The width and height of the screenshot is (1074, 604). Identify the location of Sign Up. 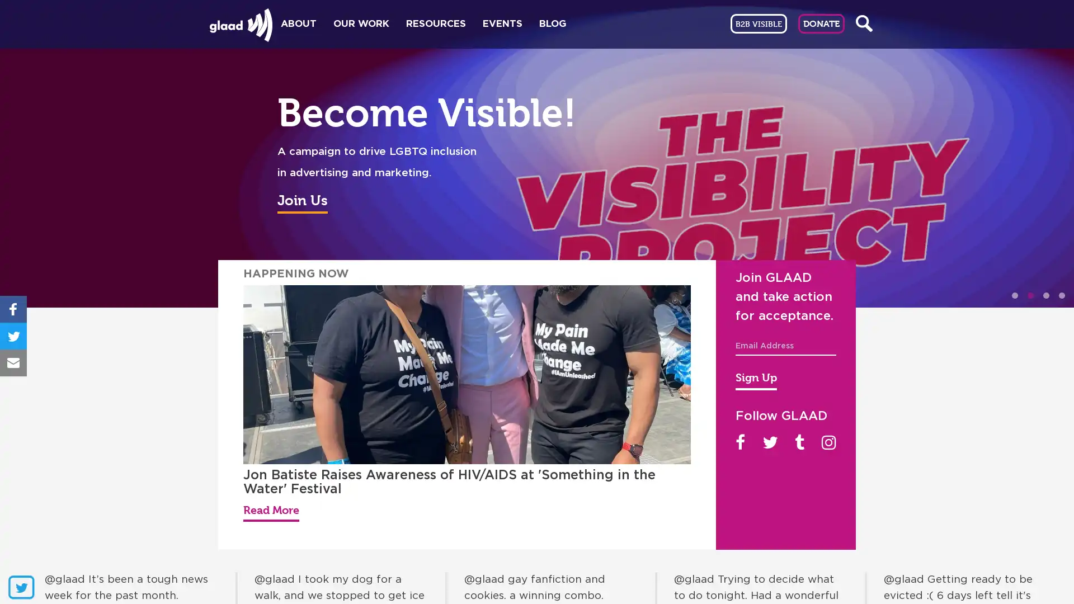
(756, 379).